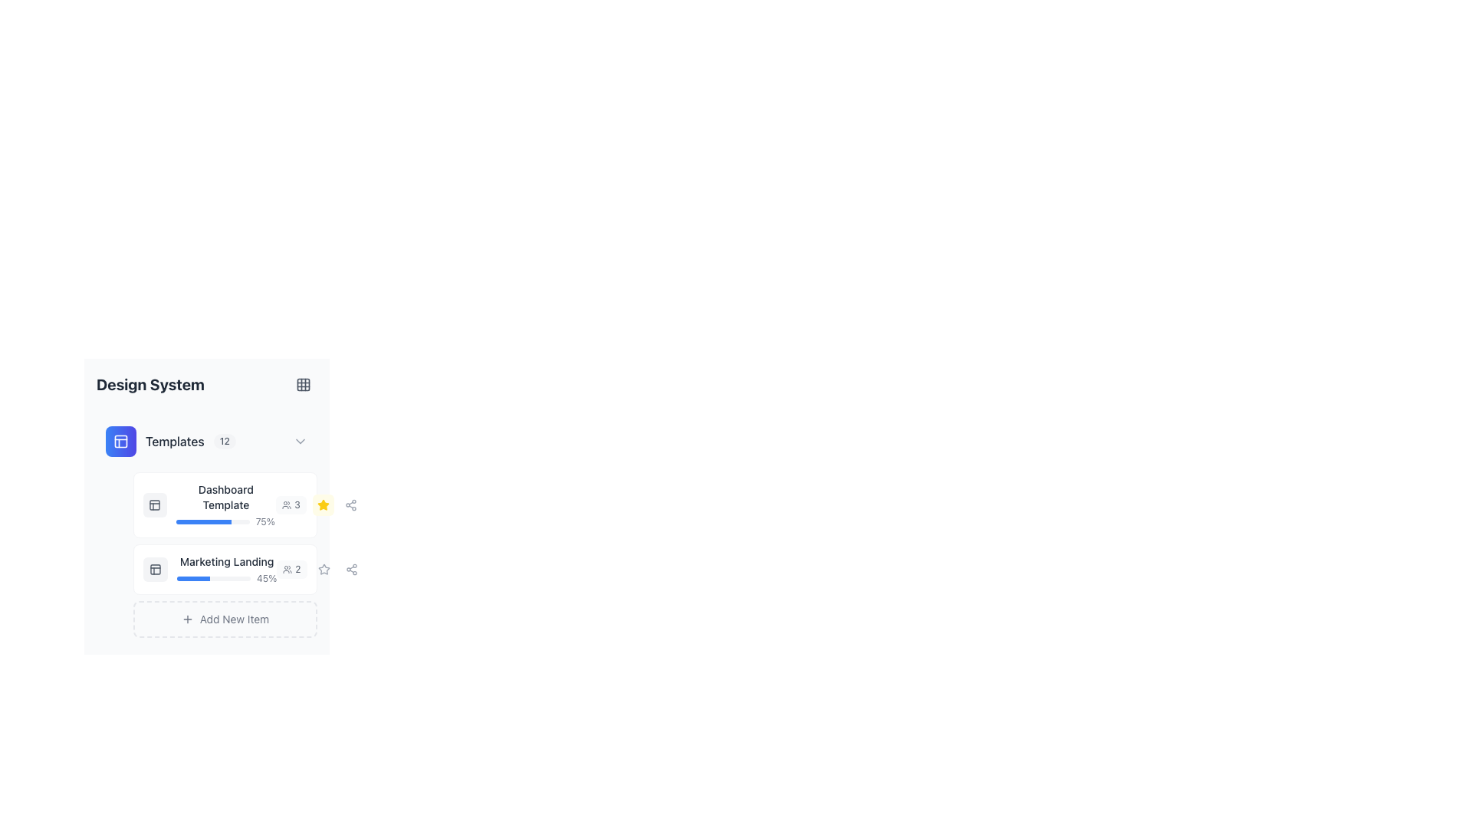  What do you see at coordinates (120, 441) in the screenshot?
I see `the three-panel layout icon, which is a small white icon within a blue gradient background, located to the left of the 'Templates' section header in the sidebar` at bounding box center [120, 441].